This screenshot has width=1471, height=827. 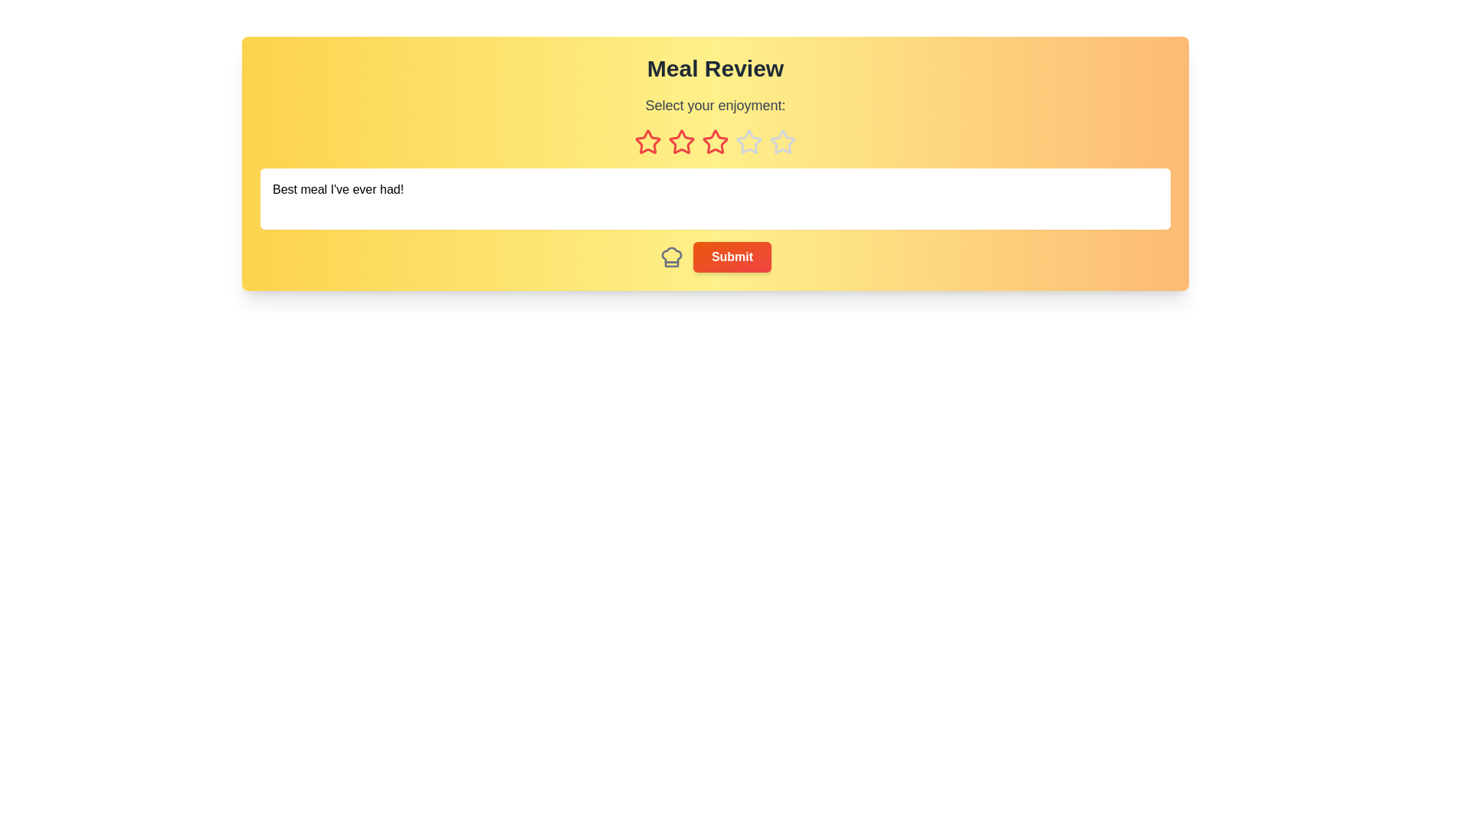 What do you see at coordinates (647, 142) in the screenshot?
I see `the first star icon in the five-star rating system` at bounding box center [647, 142].